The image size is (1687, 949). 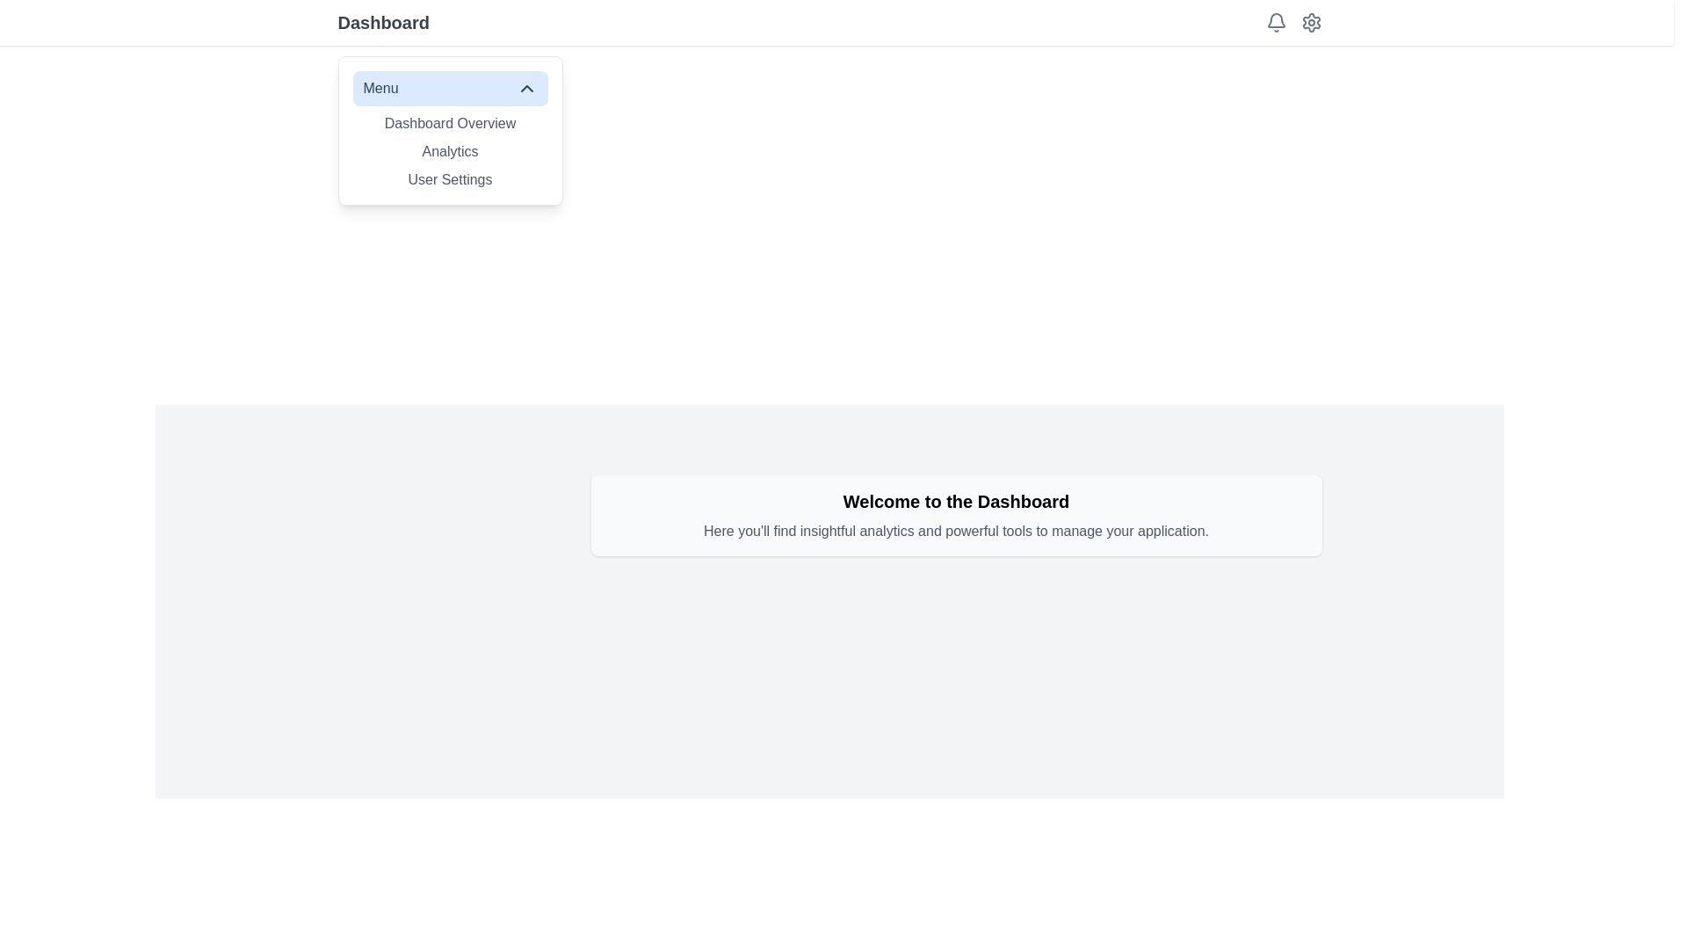 I want to click on the gear icon in the Icon Group located at the top-right section of the page for settings, so click(x=1293, y=23).